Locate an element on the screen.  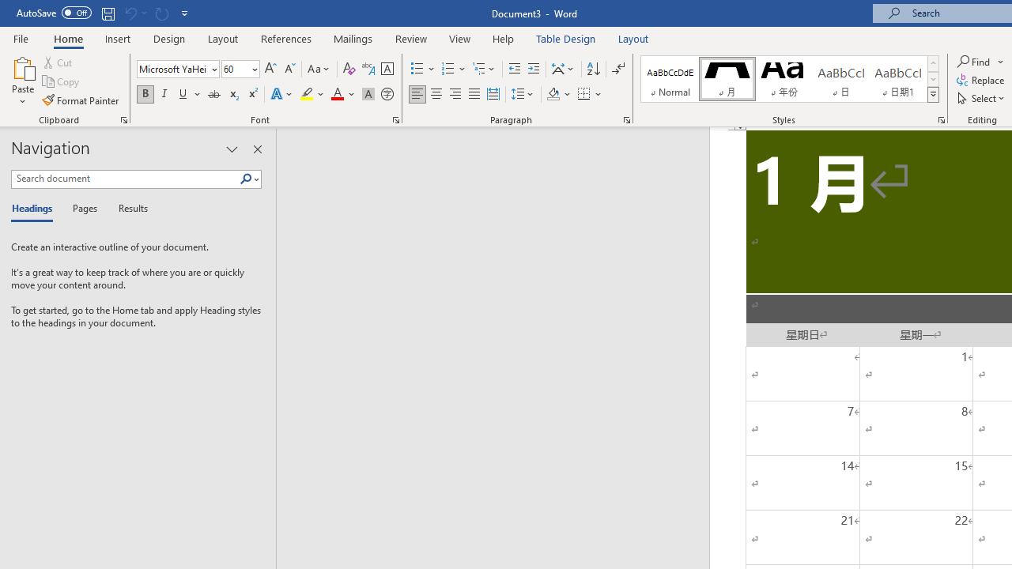
'Can' is located at coordinates (161, 13).